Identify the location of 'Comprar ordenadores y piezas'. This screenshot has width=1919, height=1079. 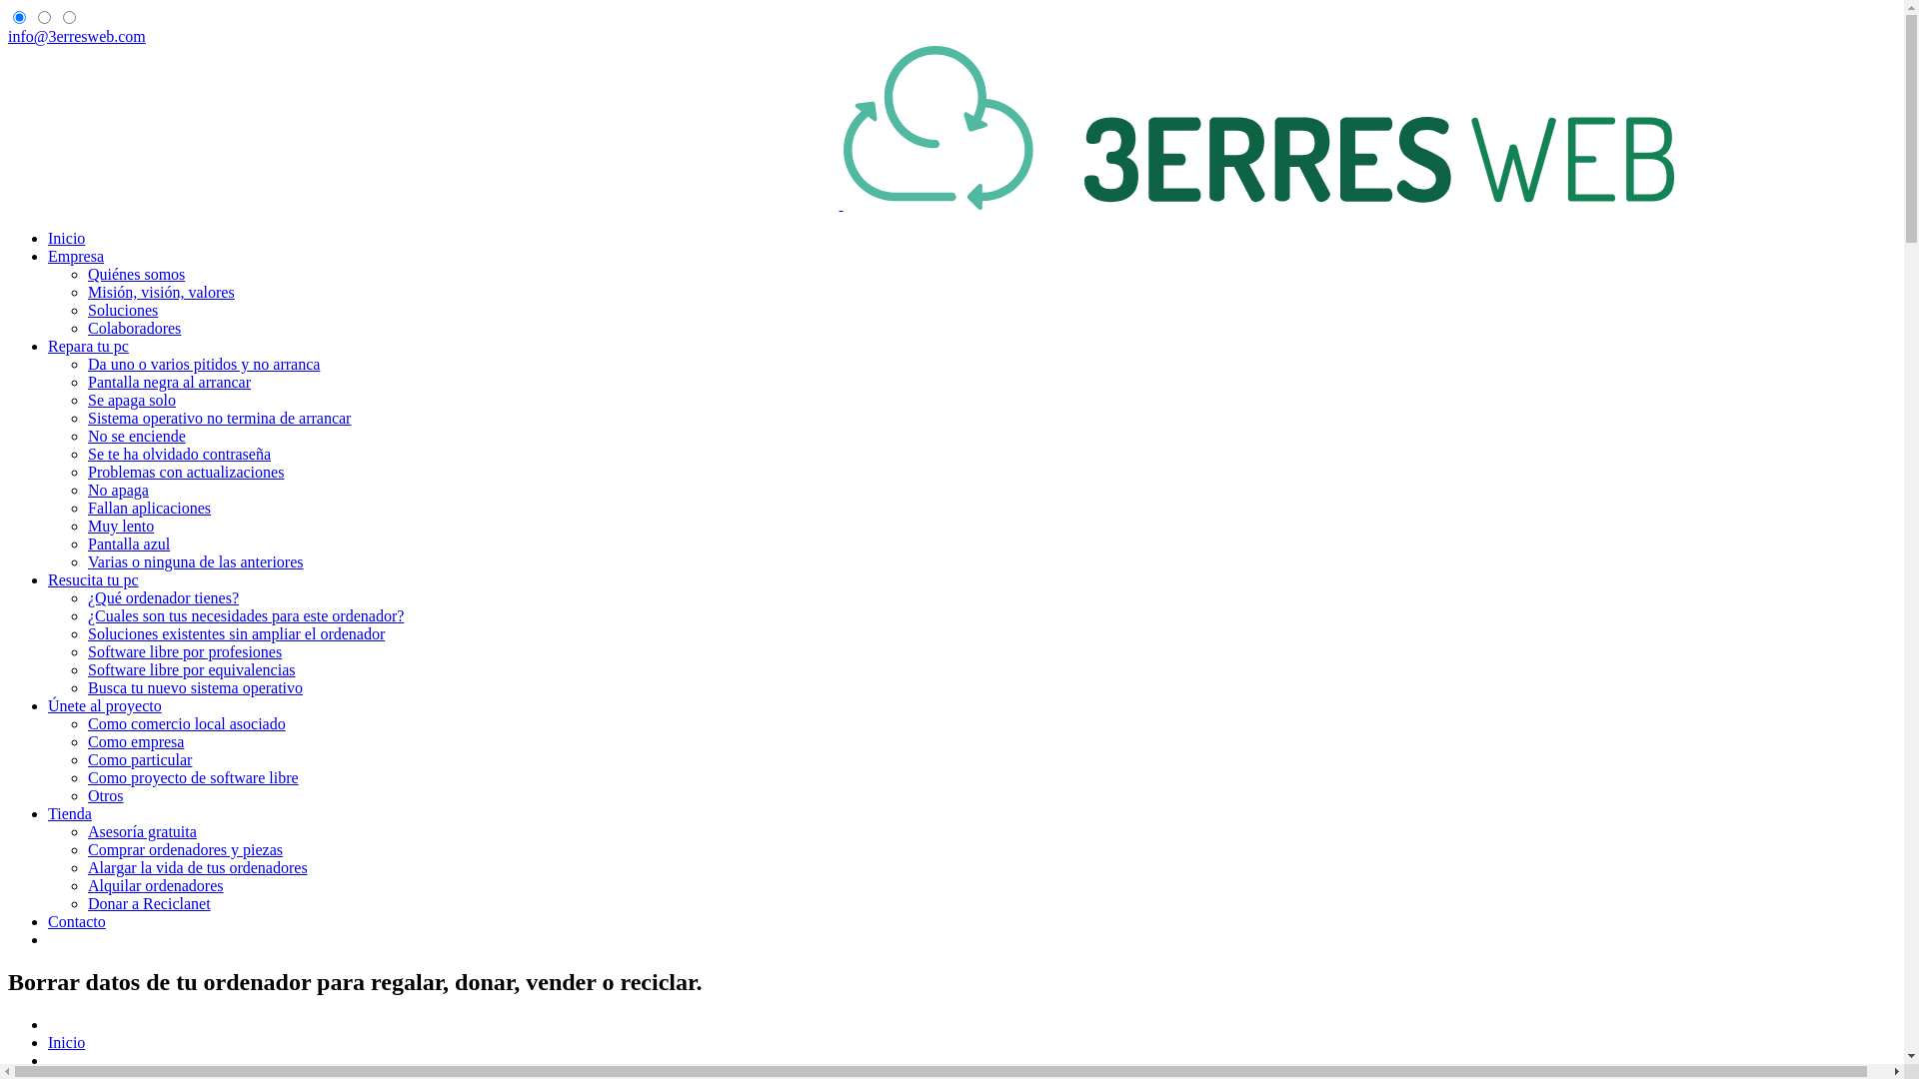
(185, 849).